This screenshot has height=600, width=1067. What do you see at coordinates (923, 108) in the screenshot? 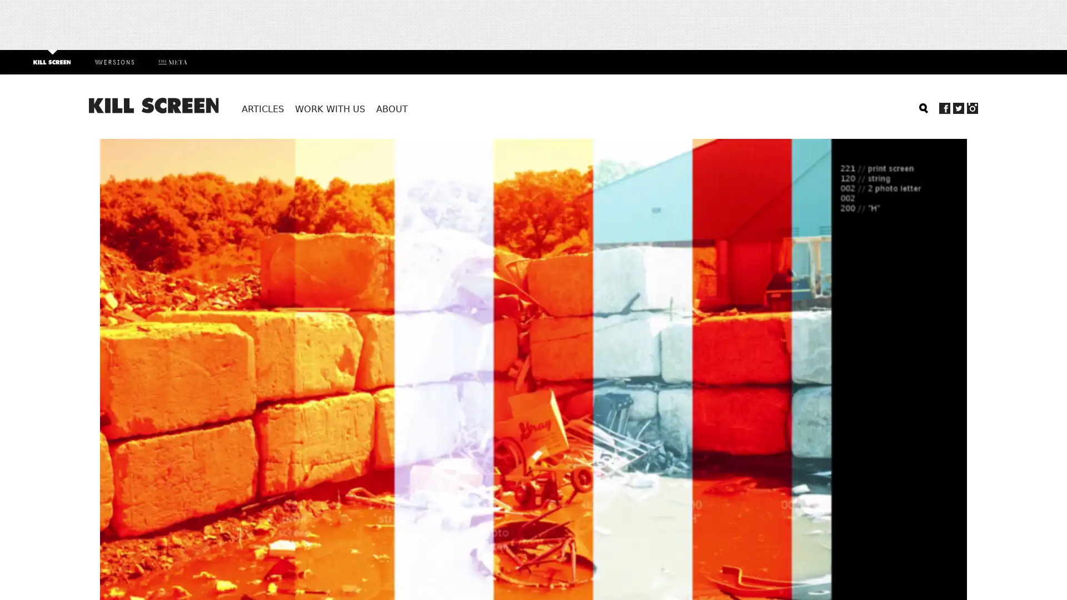
I see `Search` at bounding box center [923, 108].